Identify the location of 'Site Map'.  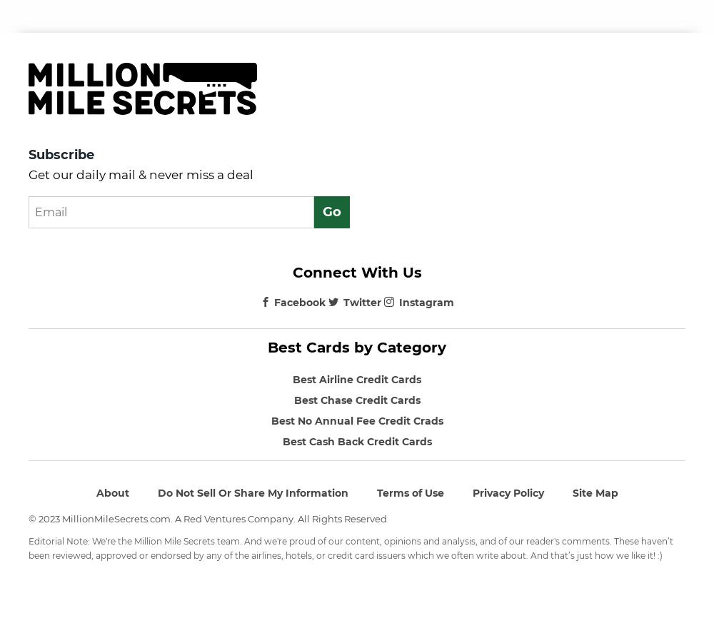
(594, 492).